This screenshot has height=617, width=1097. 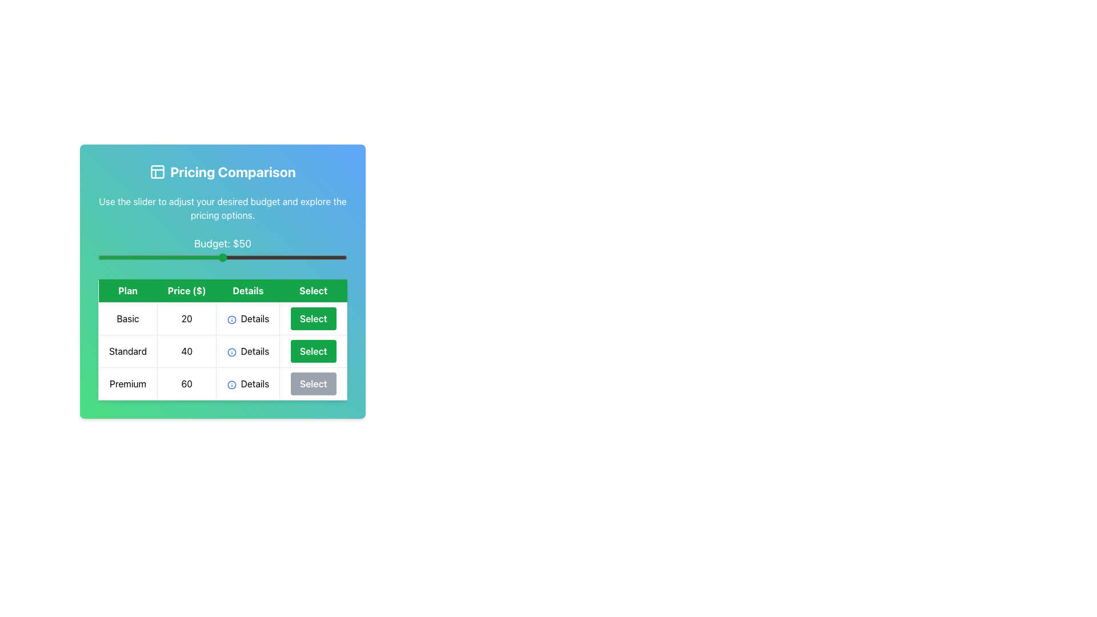 What do you see at coordinates (245, 258) in the screenshot?
I see `the budget` at bounding box center [245, 258].